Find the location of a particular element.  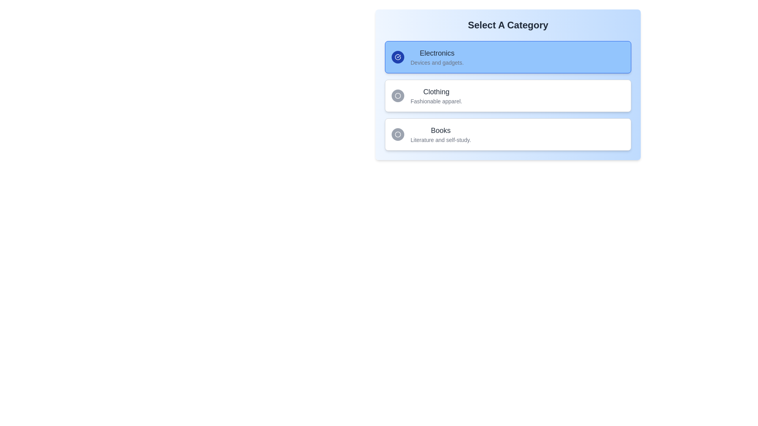

the Text label providing additional descriptive information about the 'Electronics' category, located beneath the 'Electronics' title within the first selectable category card is located at coordinates (437, 62).